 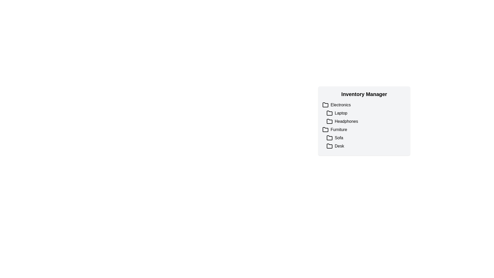 What do you see at coordinates (364, 129) in the screenshot?
I see `the 'Furniture' folder in the Inventory Manager` at bounding box center [364, 129].